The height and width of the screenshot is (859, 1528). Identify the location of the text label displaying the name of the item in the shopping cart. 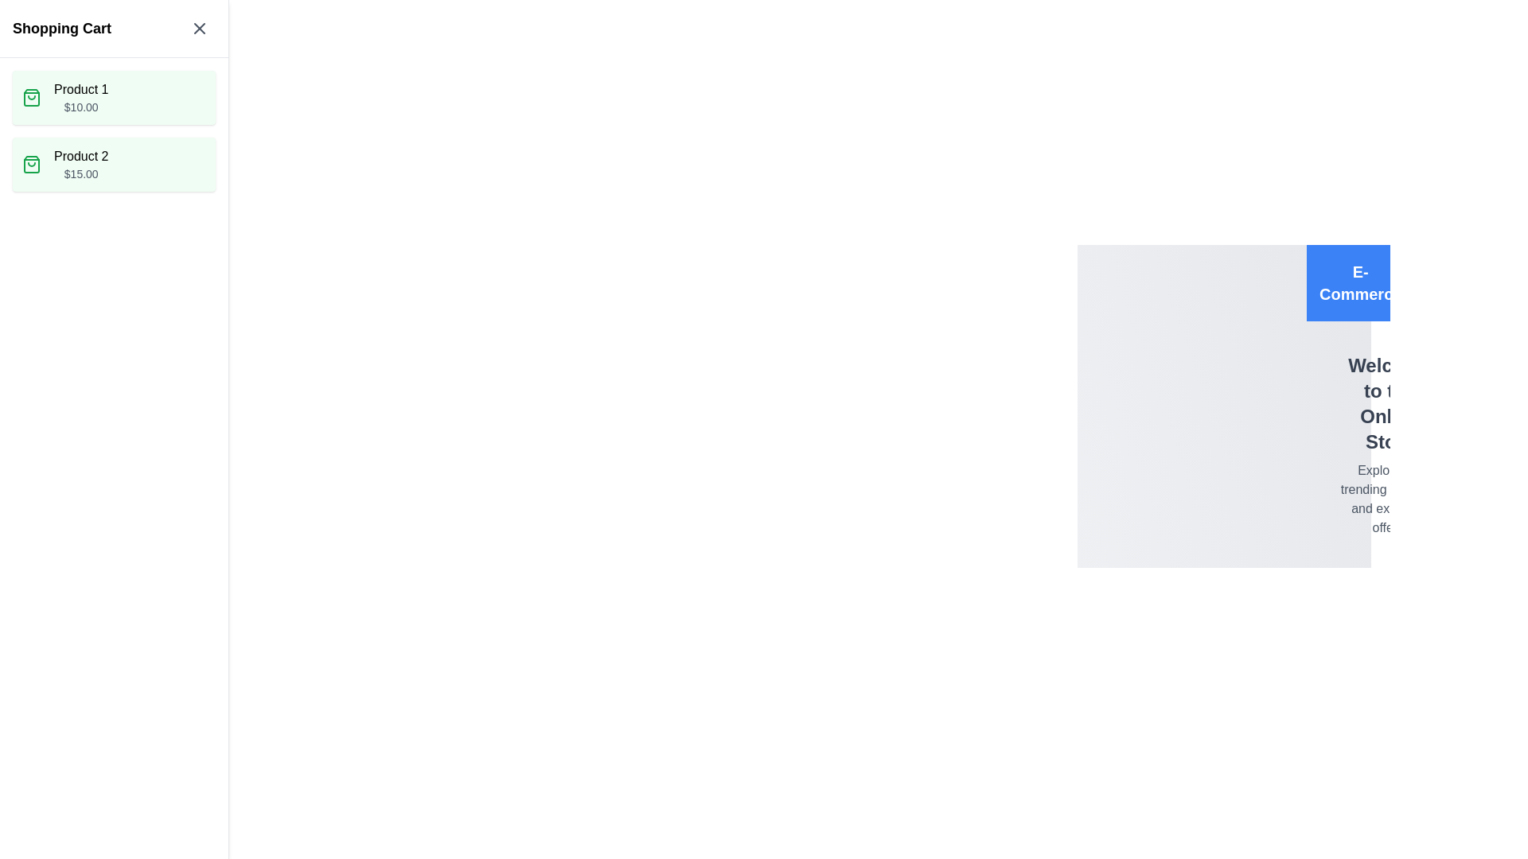
(80, 89).